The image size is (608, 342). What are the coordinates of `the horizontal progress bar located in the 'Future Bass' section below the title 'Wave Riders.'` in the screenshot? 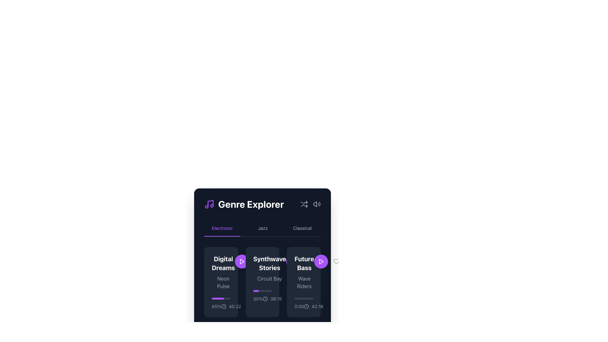 It's located at (303, 298).